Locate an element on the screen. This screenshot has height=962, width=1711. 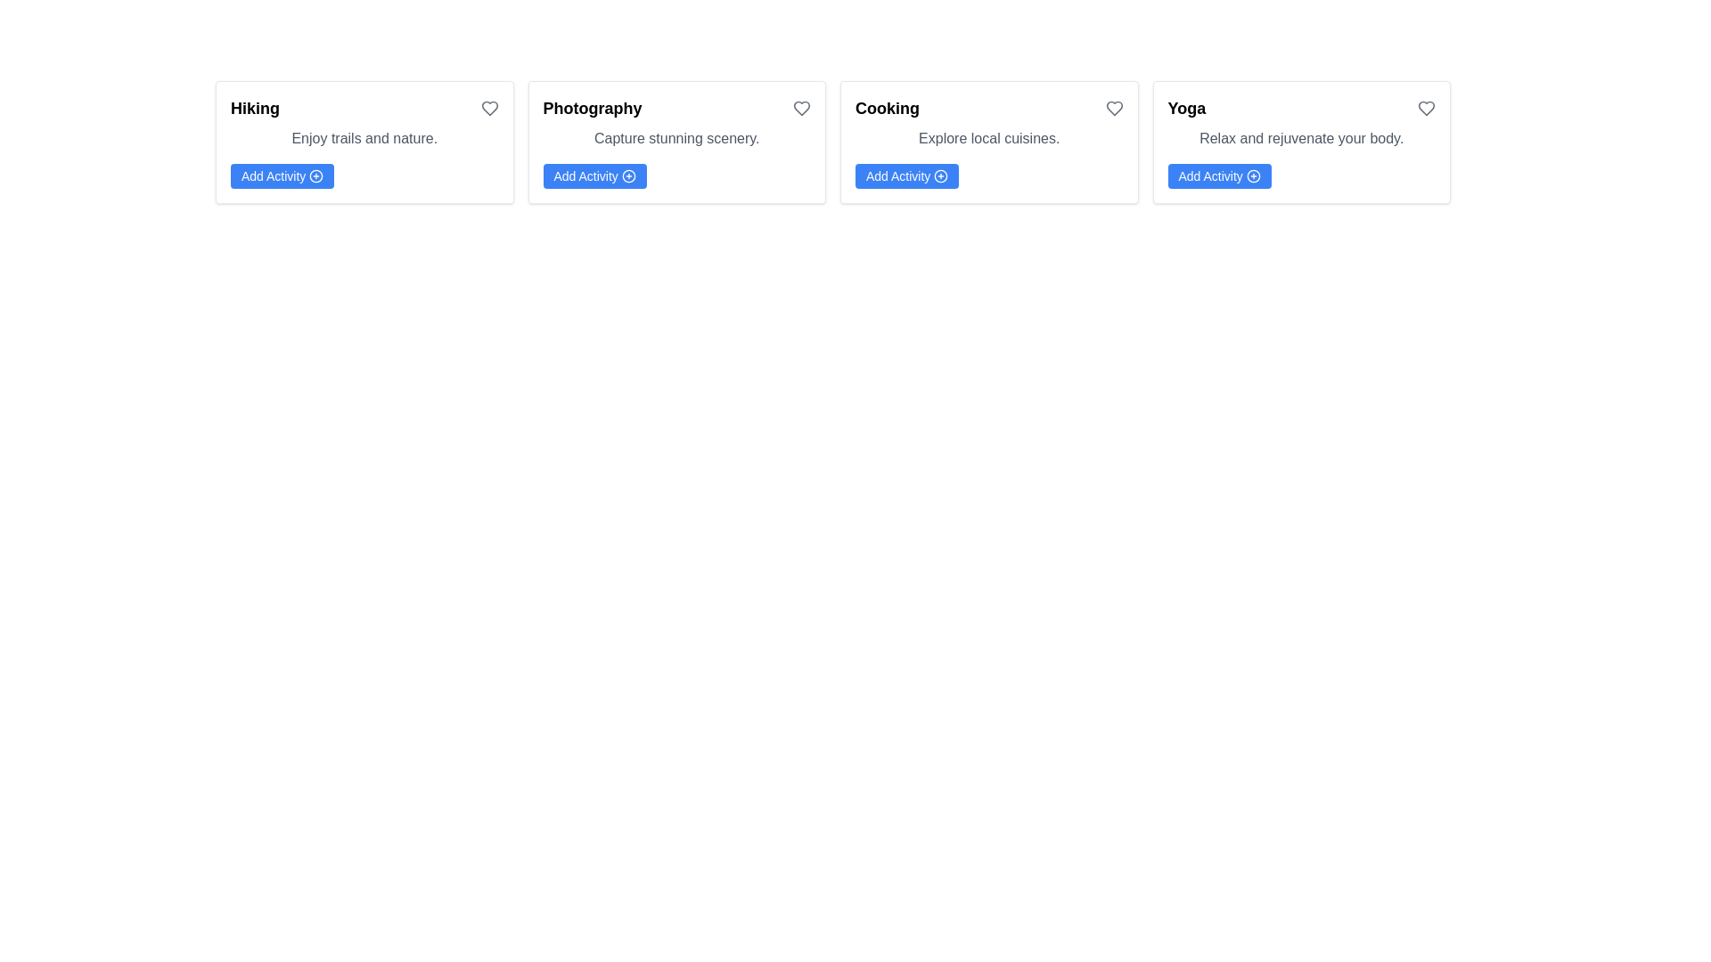
title text of the third card labeled 'Cooking' positioned in the upper-left corner of the card is located at coordinates (888, 109).